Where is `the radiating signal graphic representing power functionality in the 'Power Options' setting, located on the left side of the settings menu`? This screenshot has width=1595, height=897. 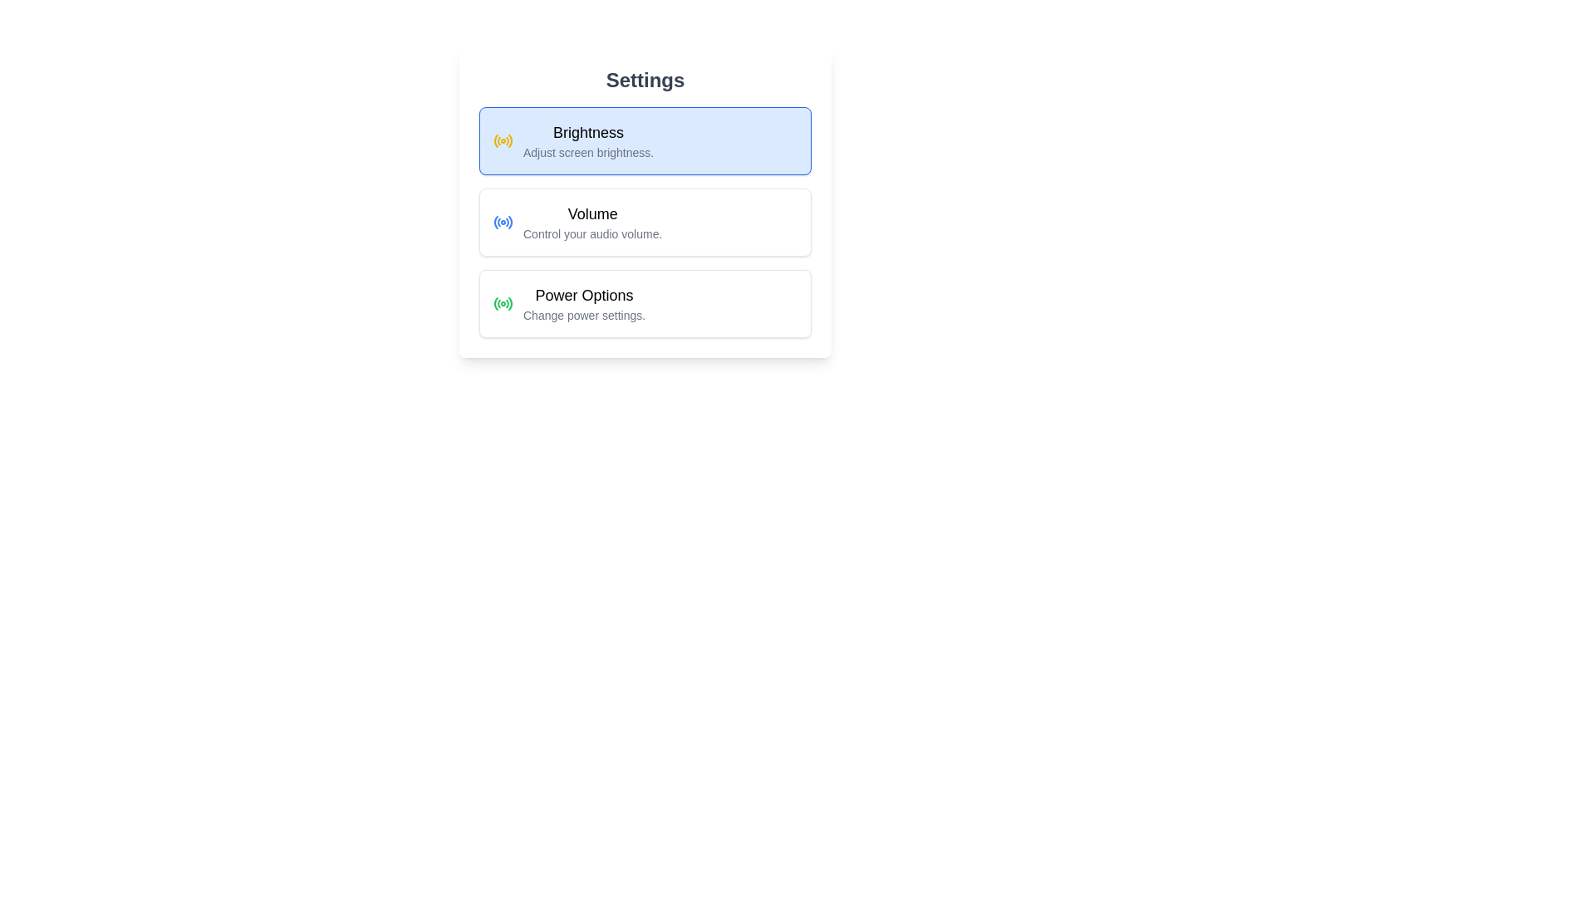
the radiating signal graphic representing power functionality in the 'Power Options' setting, located on the left side of the settings menu is located at coordinates (495, 304).